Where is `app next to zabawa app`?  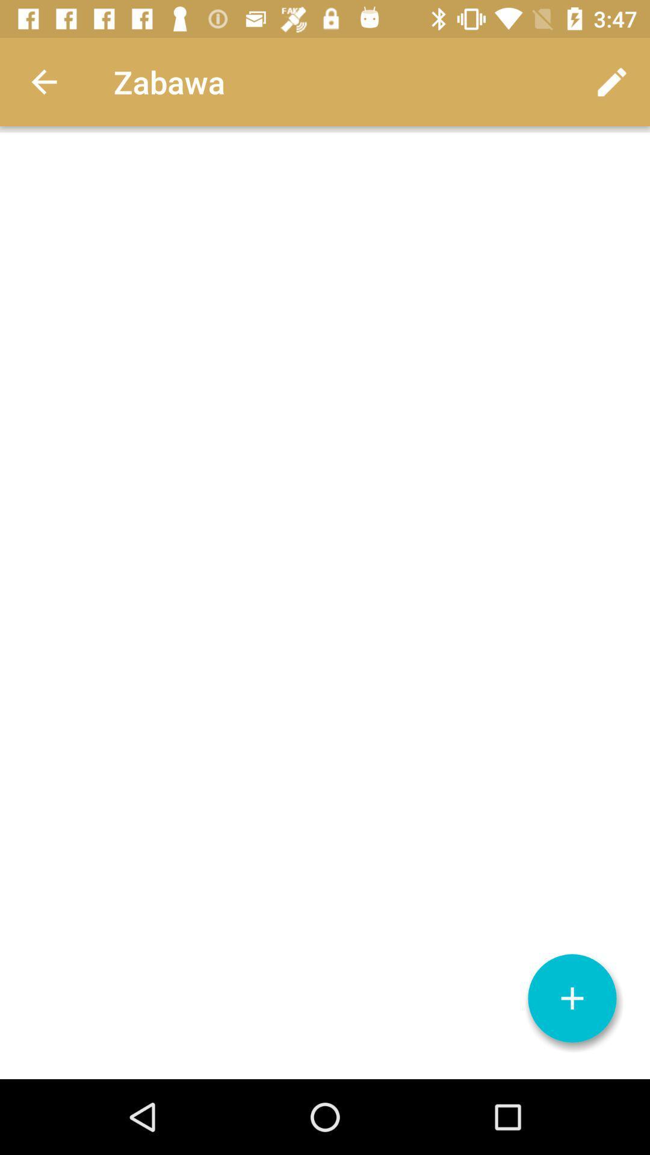
app next to zabawa app is located at coordinates (43, 81).